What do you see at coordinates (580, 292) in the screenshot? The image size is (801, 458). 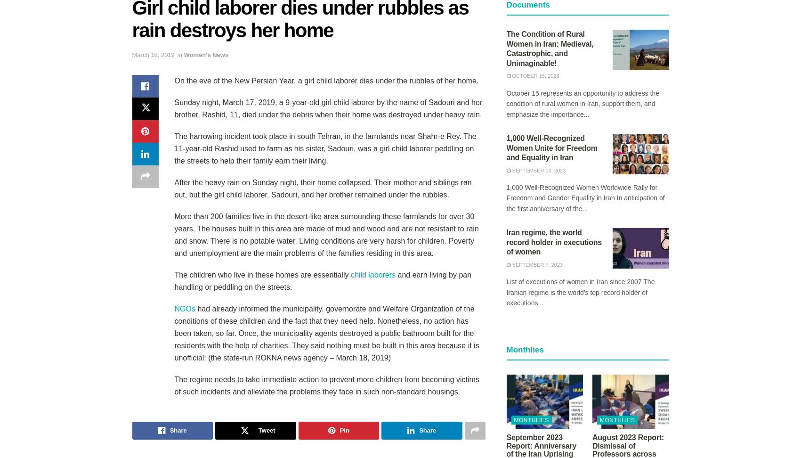 I see `'List of executions of women in Iran since 2007 The Iranian regime is the world’s top record holder of executions...'` at bounding box center [580, 292].